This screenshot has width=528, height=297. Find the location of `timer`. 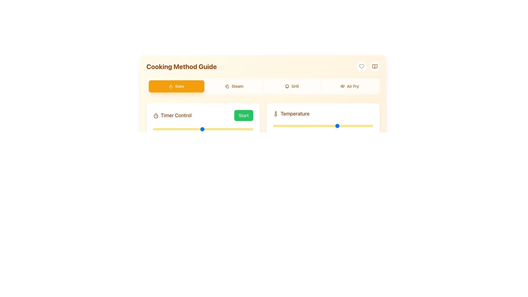

timer is located at coordinates (154, 129).